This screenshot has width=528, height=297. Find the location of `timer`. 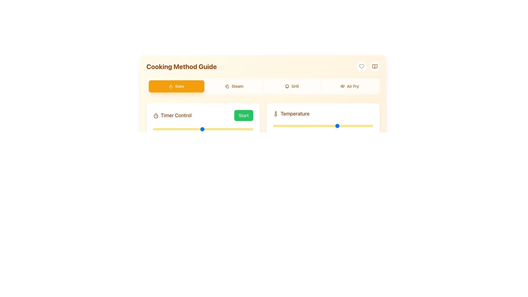

timer is located at coordinates (154, 129).